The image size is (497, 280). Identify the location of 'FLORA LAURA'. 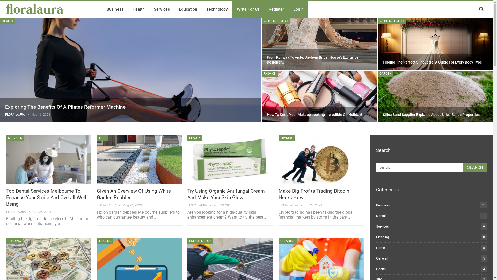
(292, 205).